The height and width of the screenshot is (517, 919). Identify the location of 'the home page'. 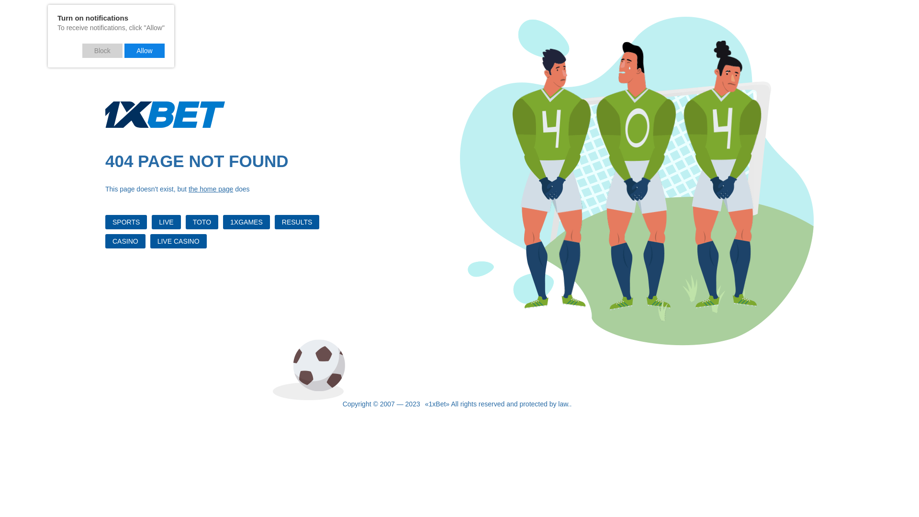
(210, 189).